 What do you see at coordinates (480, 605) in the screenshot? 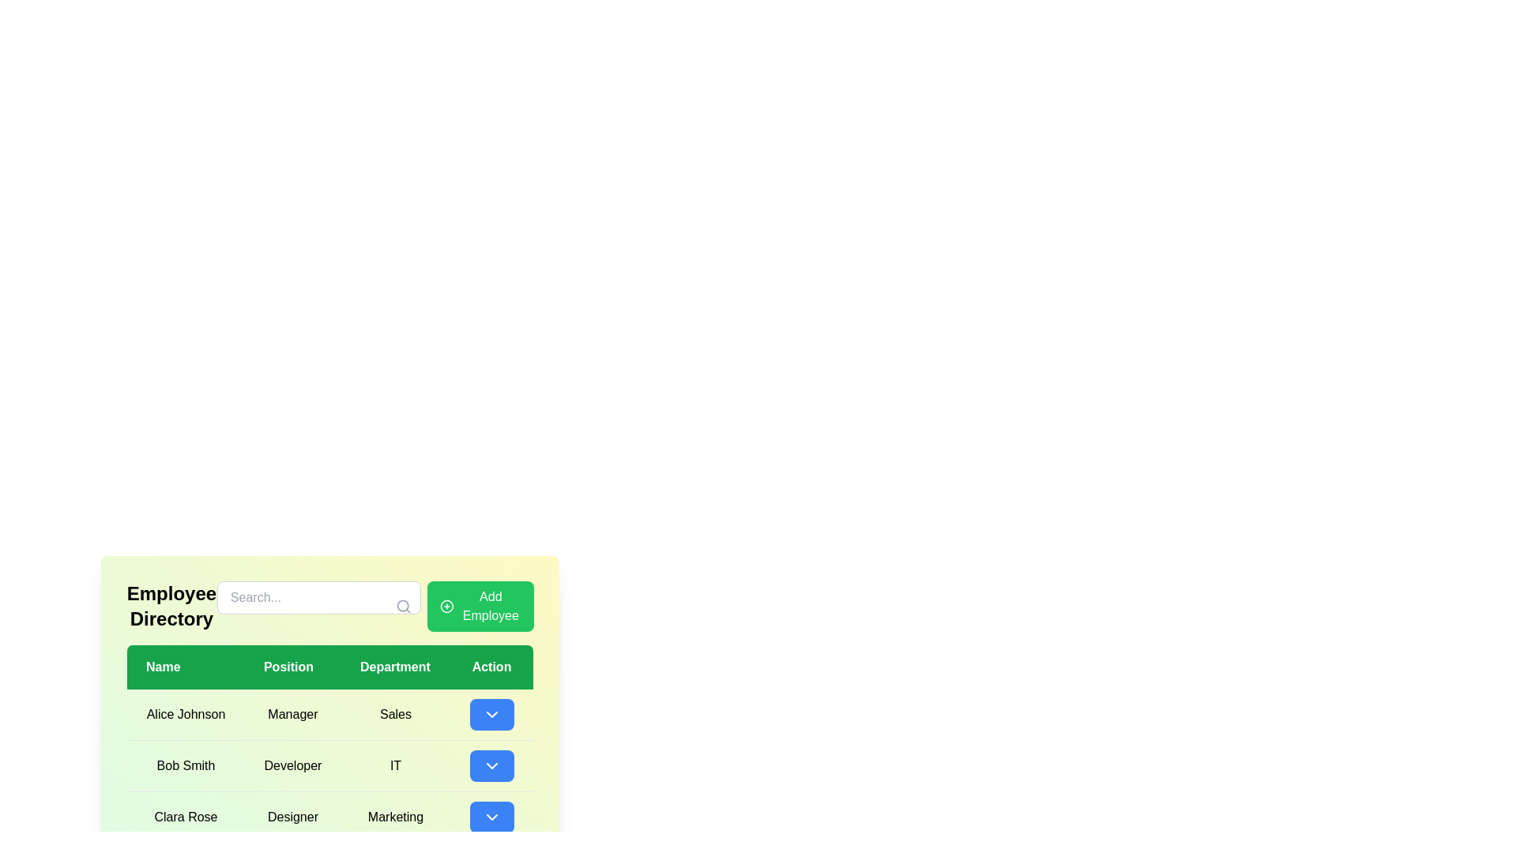
I see `the green 'Add Employee' button with rounded corners` at bounding box center [480, 605].